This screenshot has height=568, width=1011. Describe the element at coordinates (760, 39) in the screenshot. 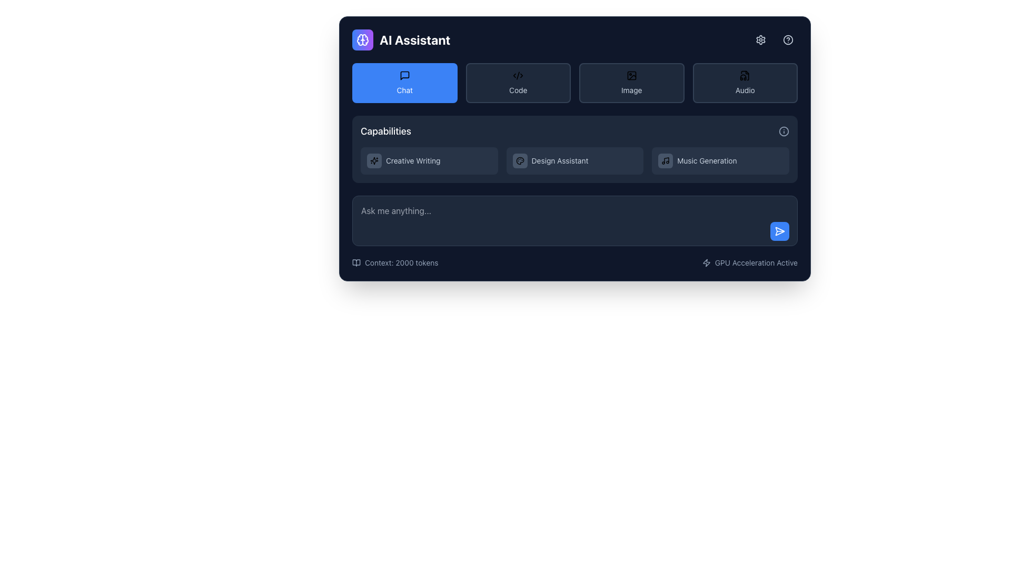

I see `the settings icon located in the upper-right corner of the application interface` at that location.